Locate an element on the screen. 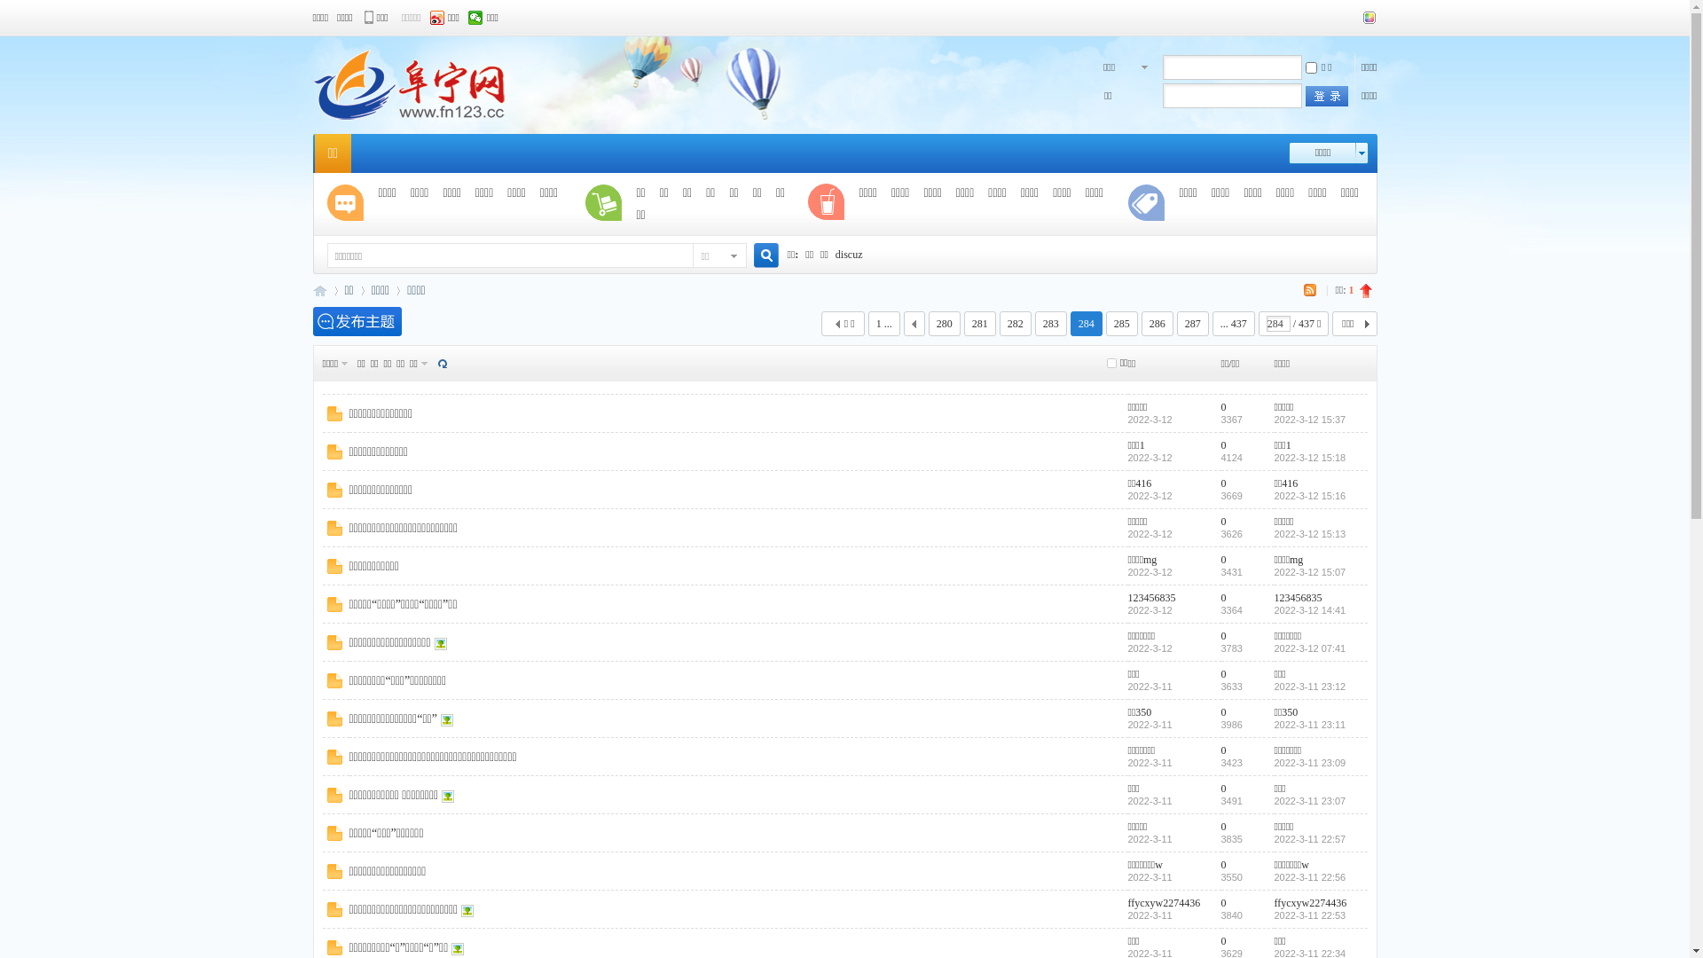 The image size is (1703, 958). 'discuz' is located at coordinates (834, 254).